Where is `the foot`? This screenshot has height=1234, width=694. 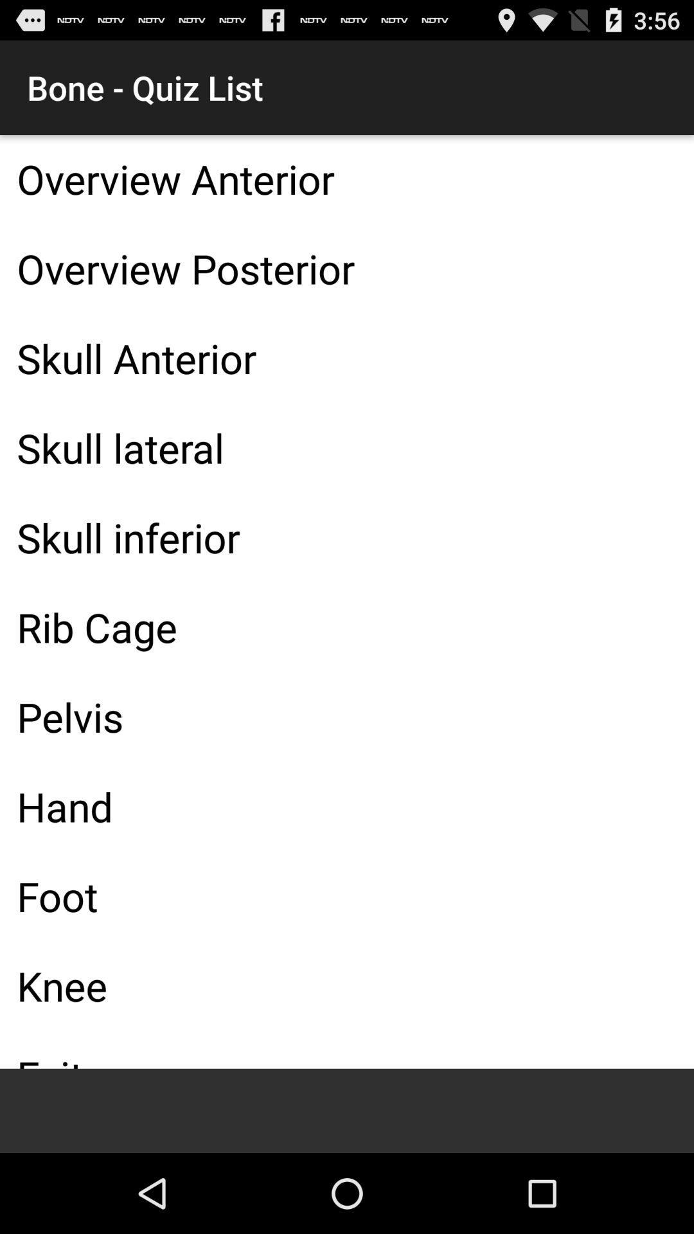 the foot is located at coordinates (347, 895).